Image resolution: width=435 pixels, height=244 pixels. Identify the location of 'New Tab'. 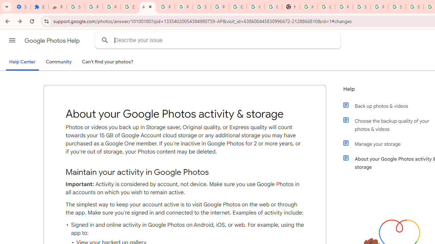
(291, 7).